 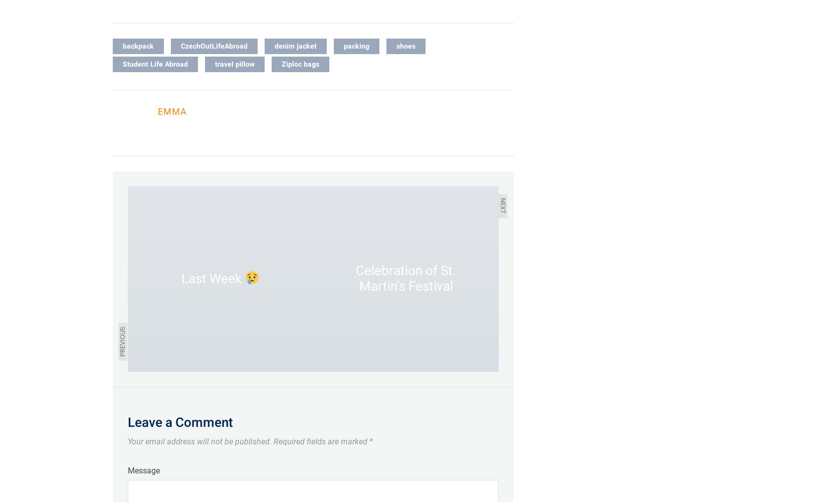 What do you see at coordinates (370, 441) in the screenshot?
I see `'*'` at bounding box center [370, 441].